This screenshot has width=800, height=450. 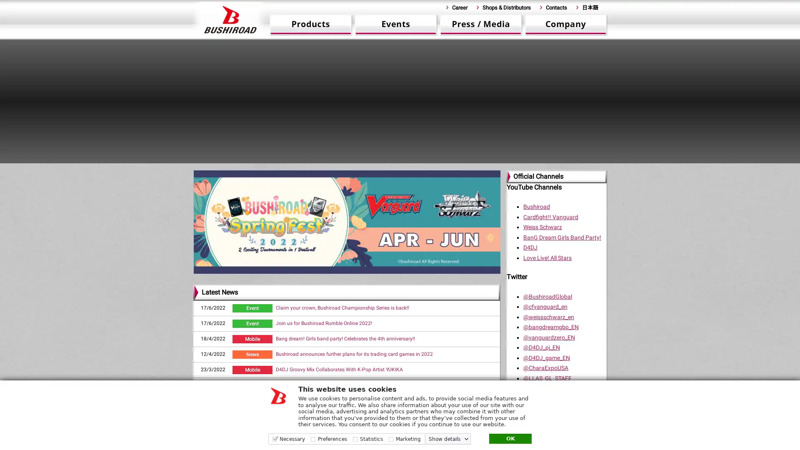 I want to click on 7, so click(x=381, y=160).